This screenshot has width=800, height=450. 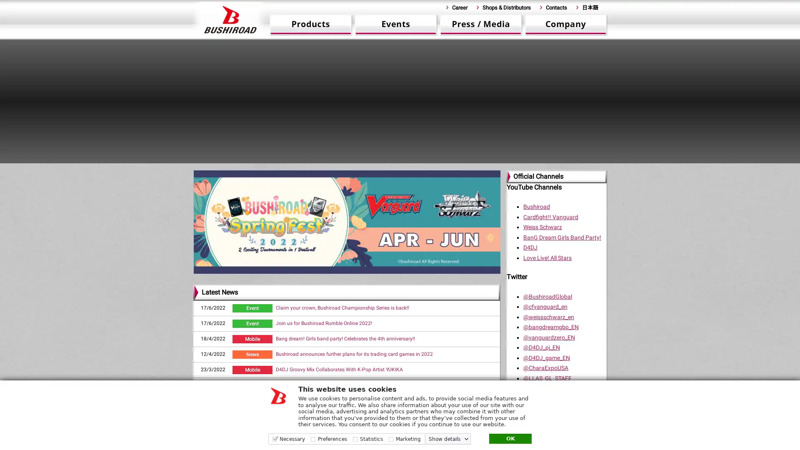 I want to click on 7, so click(x=381, y=160).